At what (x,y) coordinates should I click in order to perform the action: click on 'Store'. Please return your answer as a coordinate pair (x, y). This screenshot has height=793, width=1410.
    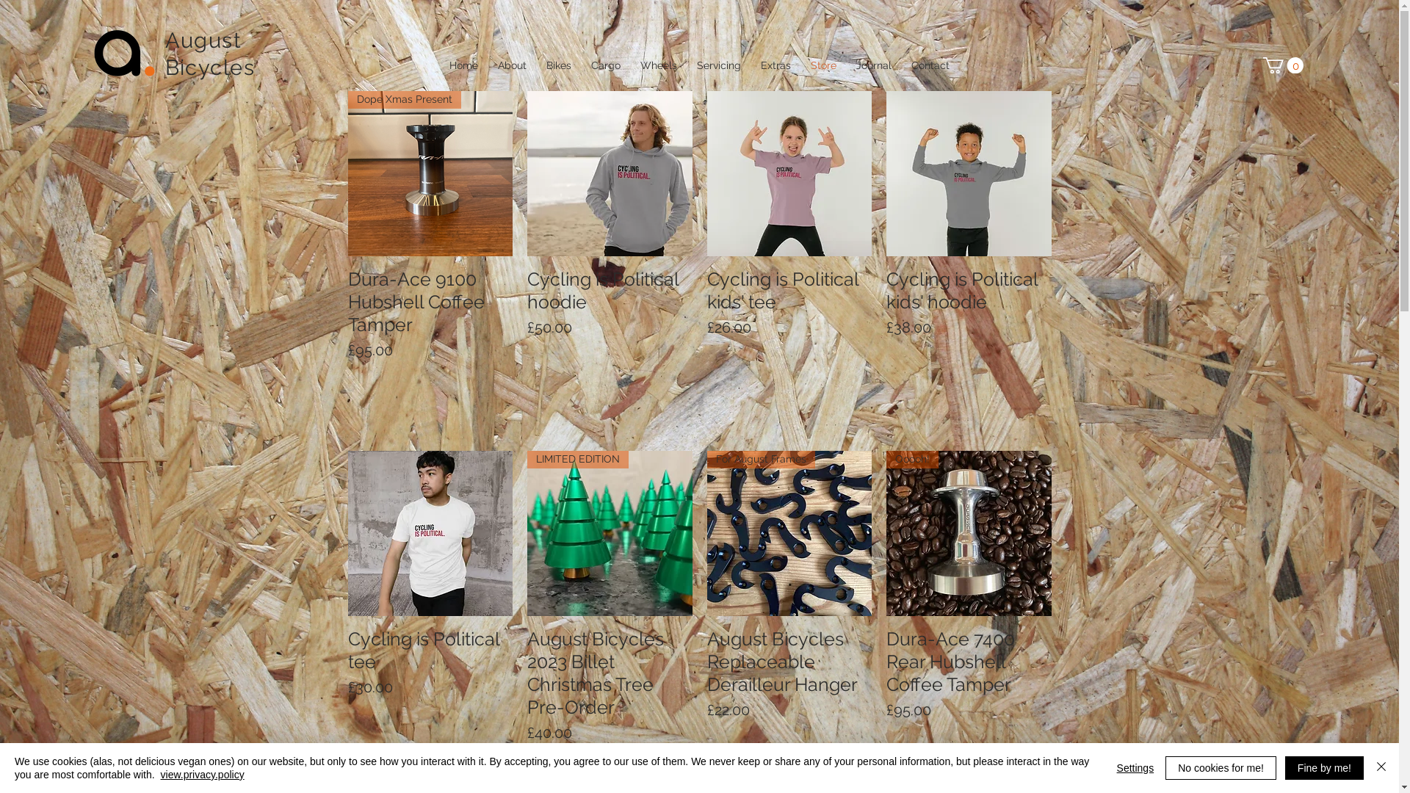
    Looking at the image, I should click on (823, 64).